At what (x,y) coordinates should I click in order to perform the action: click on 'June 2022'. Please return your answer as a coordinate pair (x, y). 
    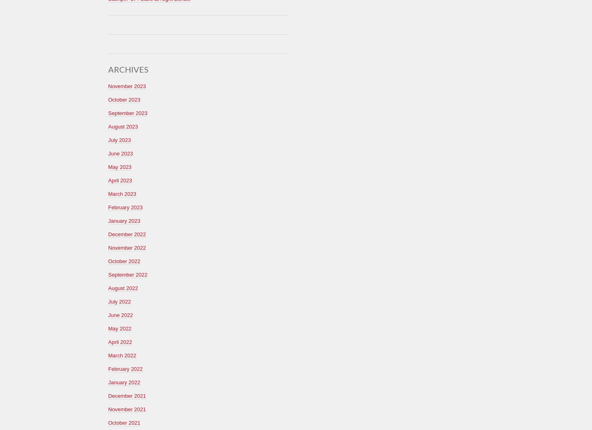
    Looking at the image, I should click on (120, 315).